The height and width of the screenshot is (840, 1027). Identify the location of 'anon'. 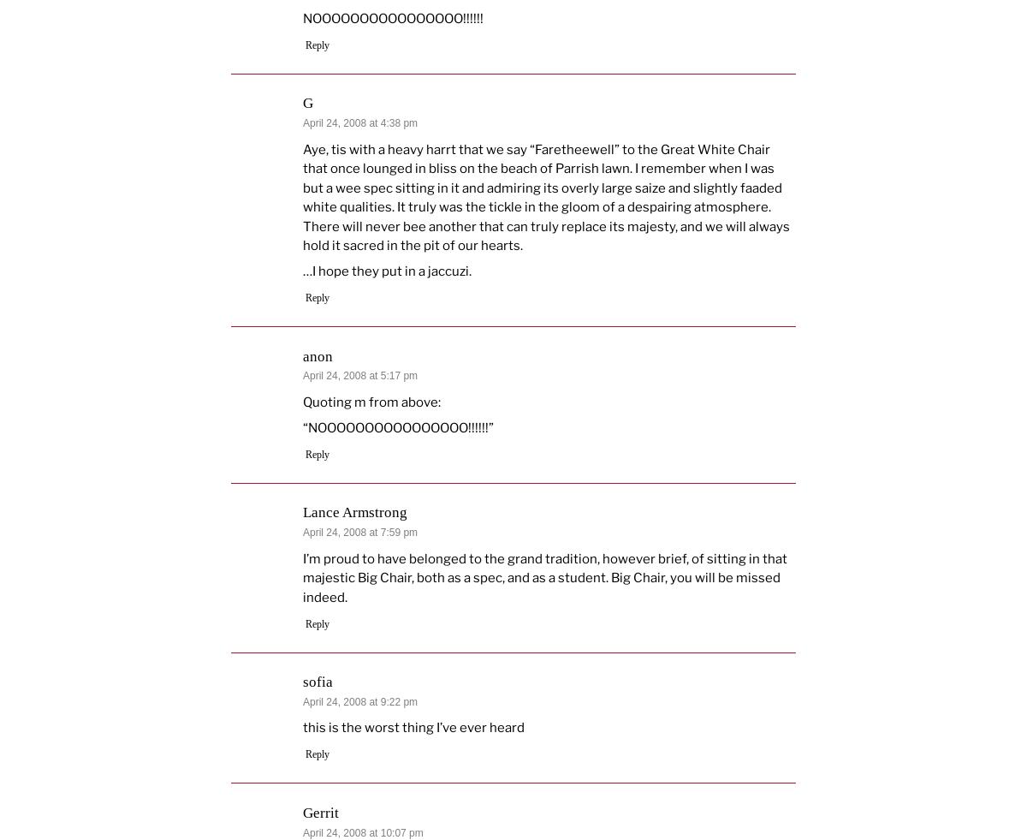
(318, 354).